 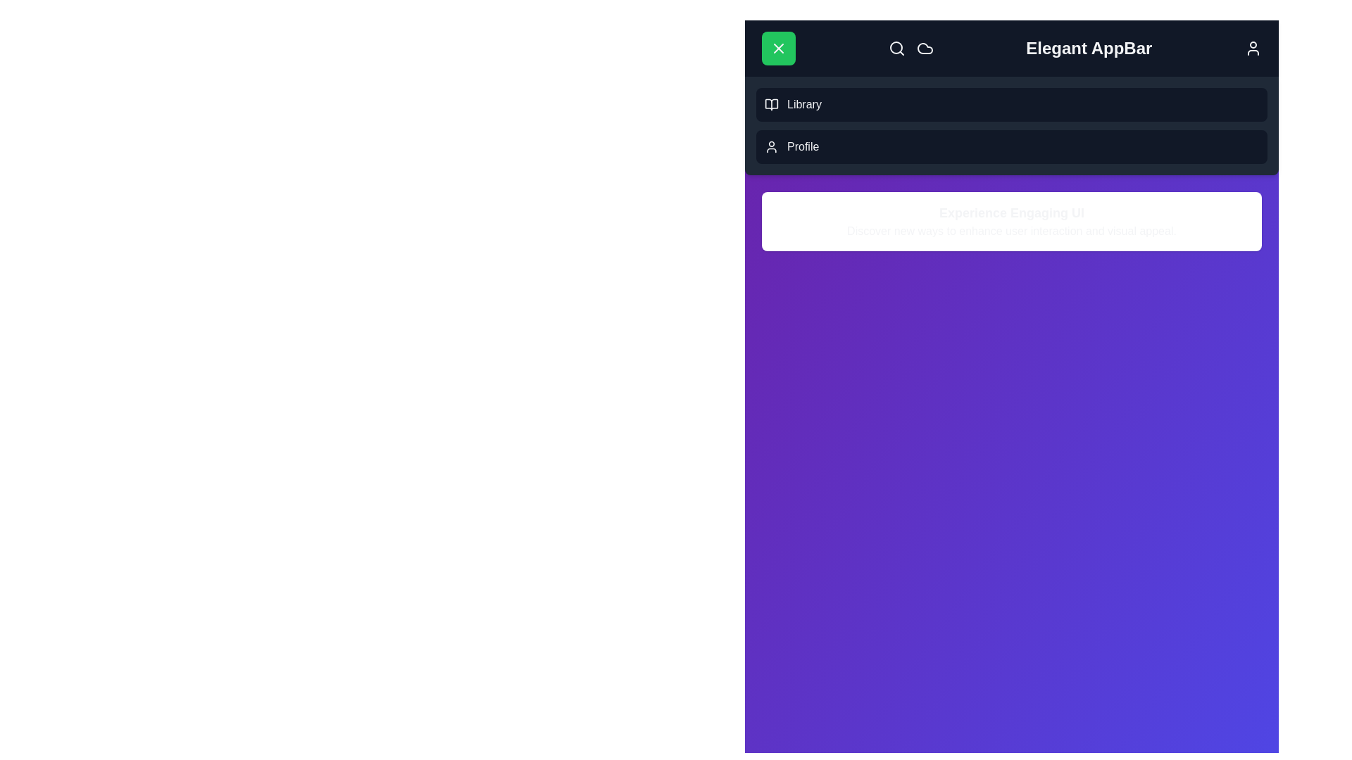 What do you see at coordinates (1253, 48) in the screenshot?
I see `the user profile icon` at bounding box center [1253, 48].